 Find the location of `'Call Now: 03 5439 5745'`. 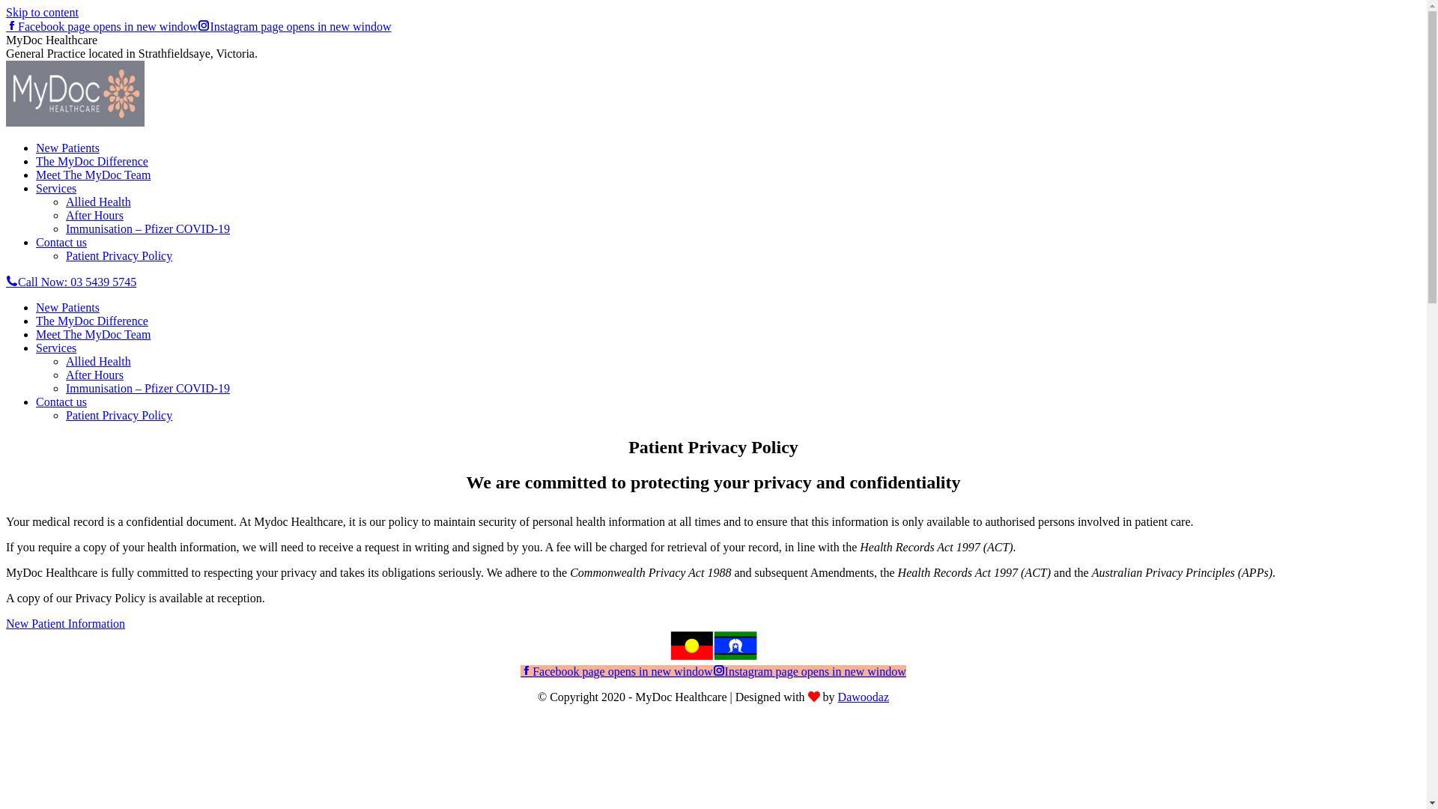

'Call Now: 03 5439 5745' is located at coordinates (70, 282).